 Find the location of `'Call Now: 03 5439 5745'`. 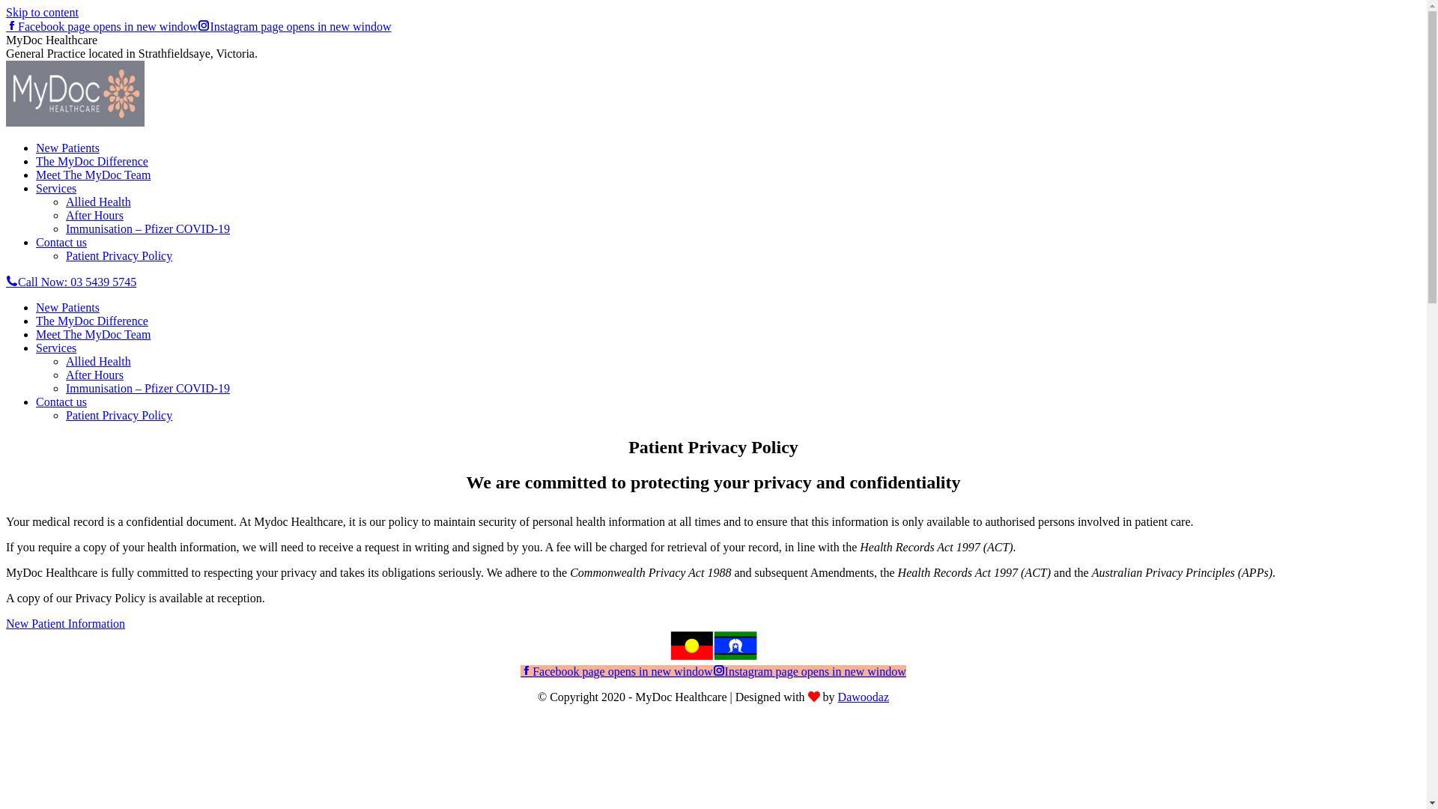

'Call Now: 03 5439 5745' is located at coordinates (70, 282).